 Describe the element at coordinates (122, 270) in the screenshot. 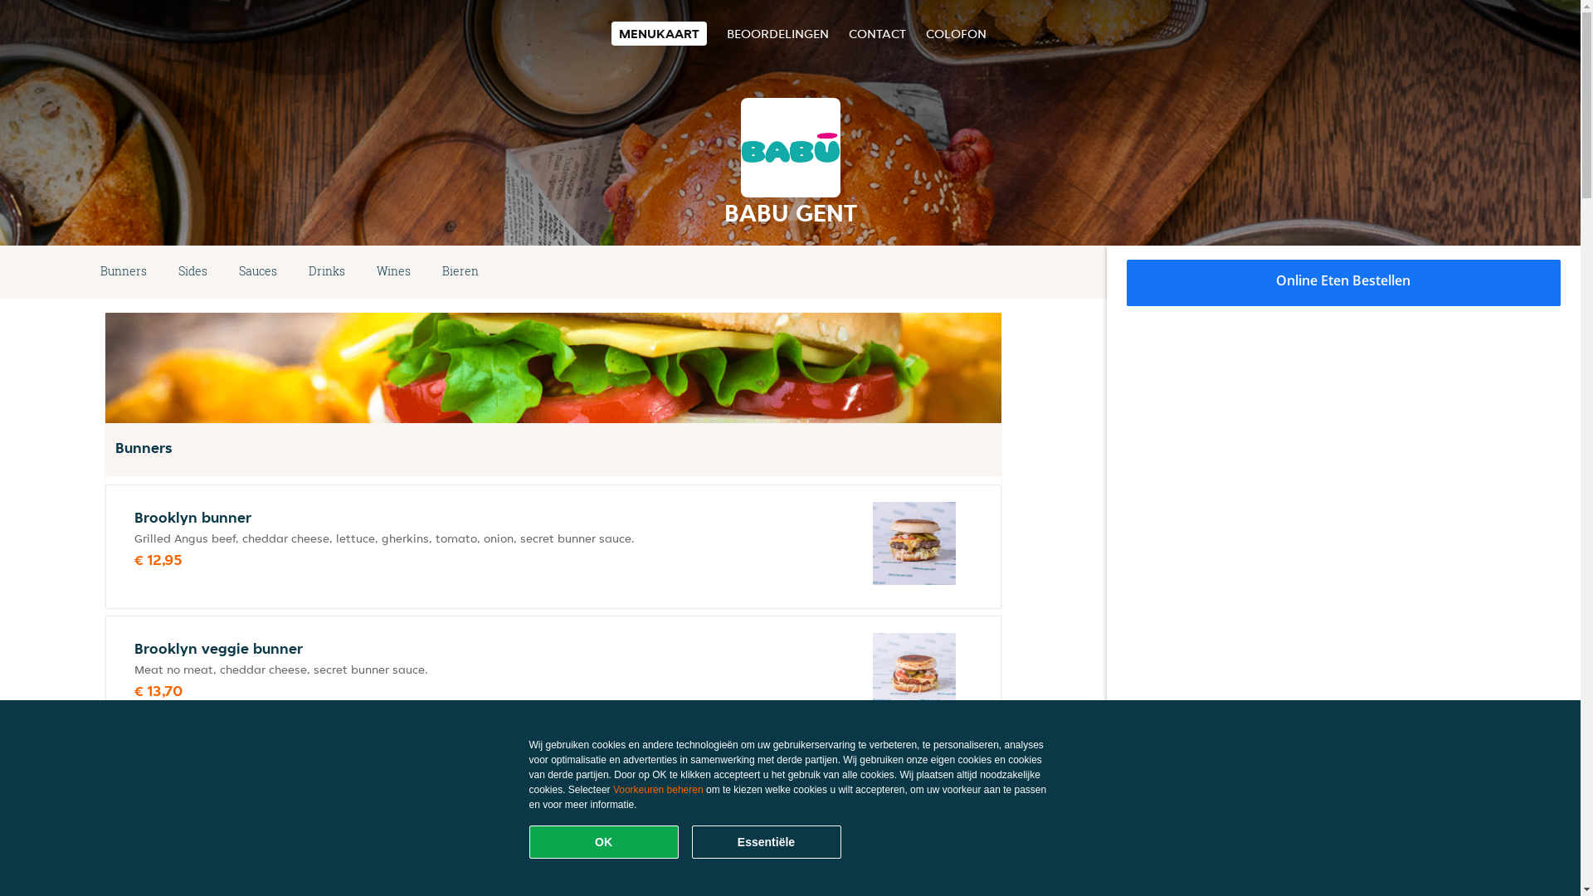

I see `'Bunners'` at that location.